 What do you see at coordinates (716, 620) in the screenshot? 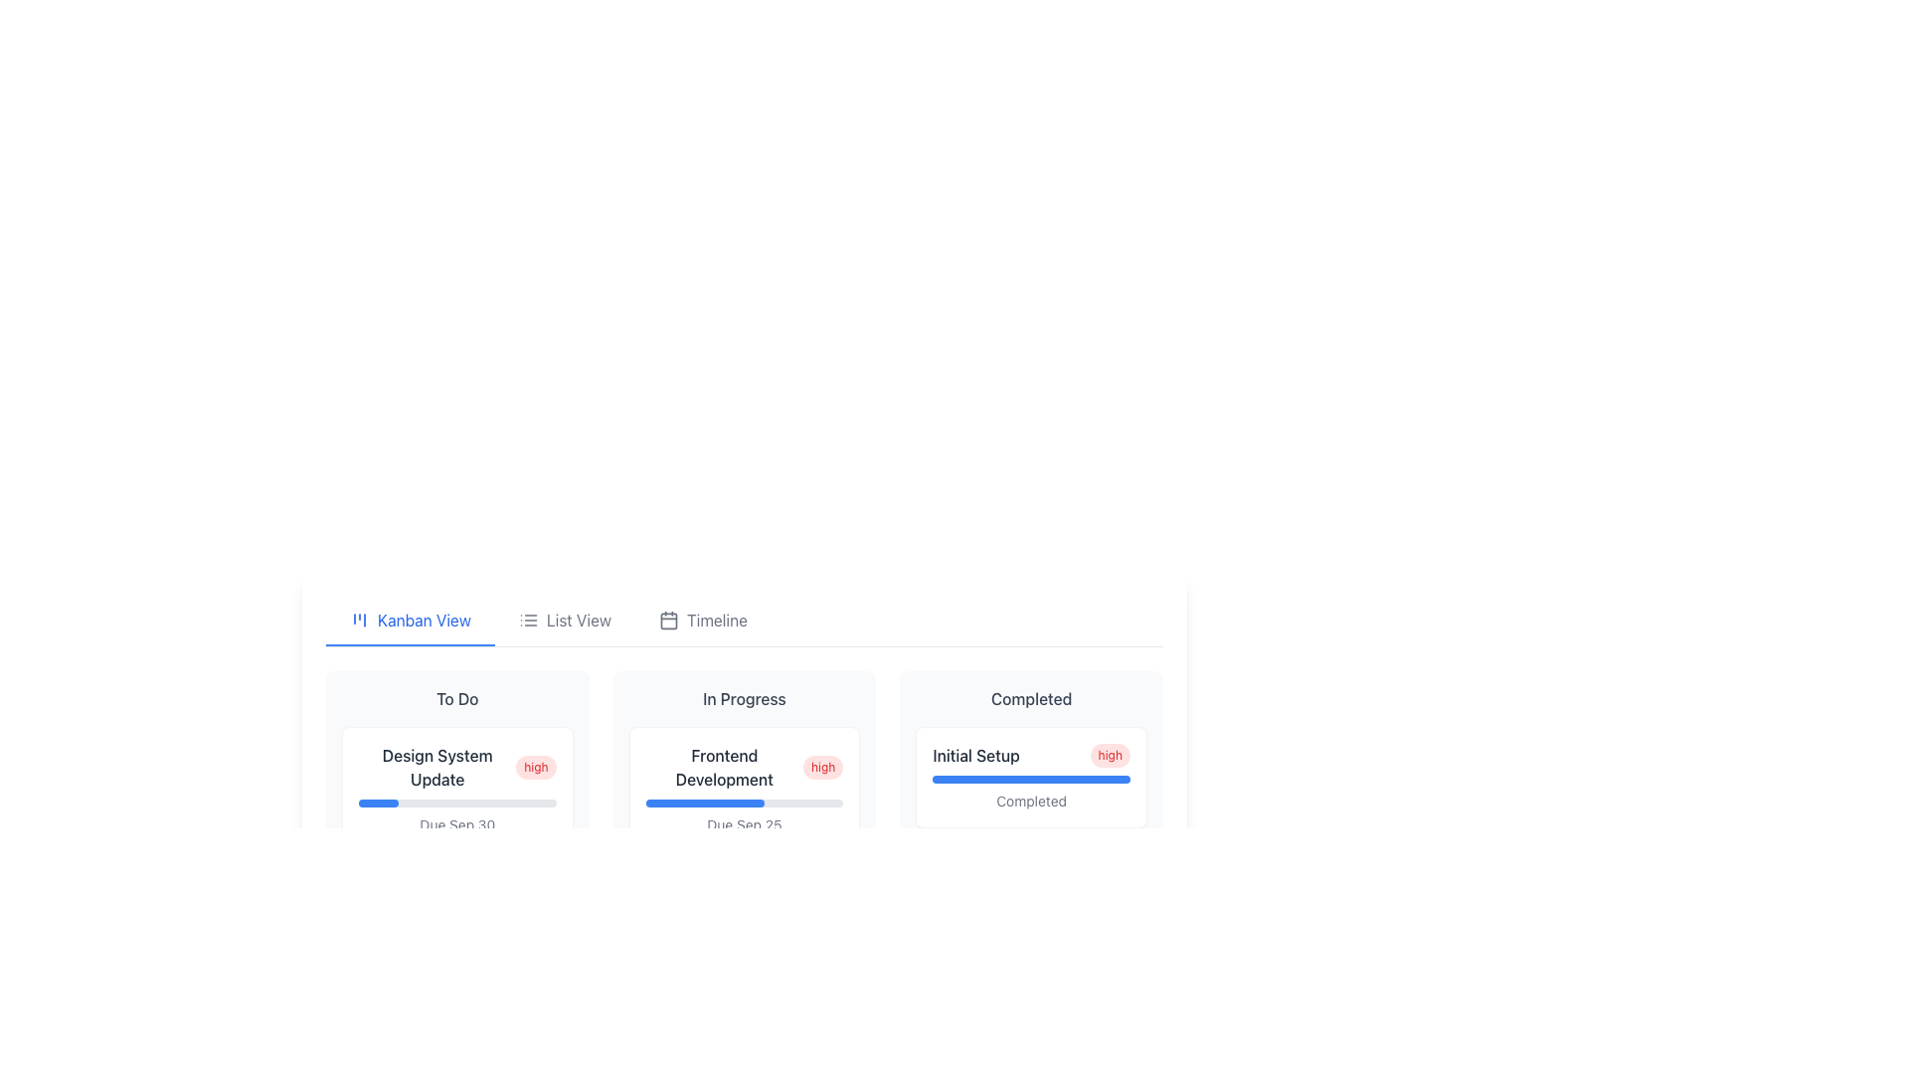
I see `the 'Timeline' text label in the top navigation bar` at bounding box center [716, 620].